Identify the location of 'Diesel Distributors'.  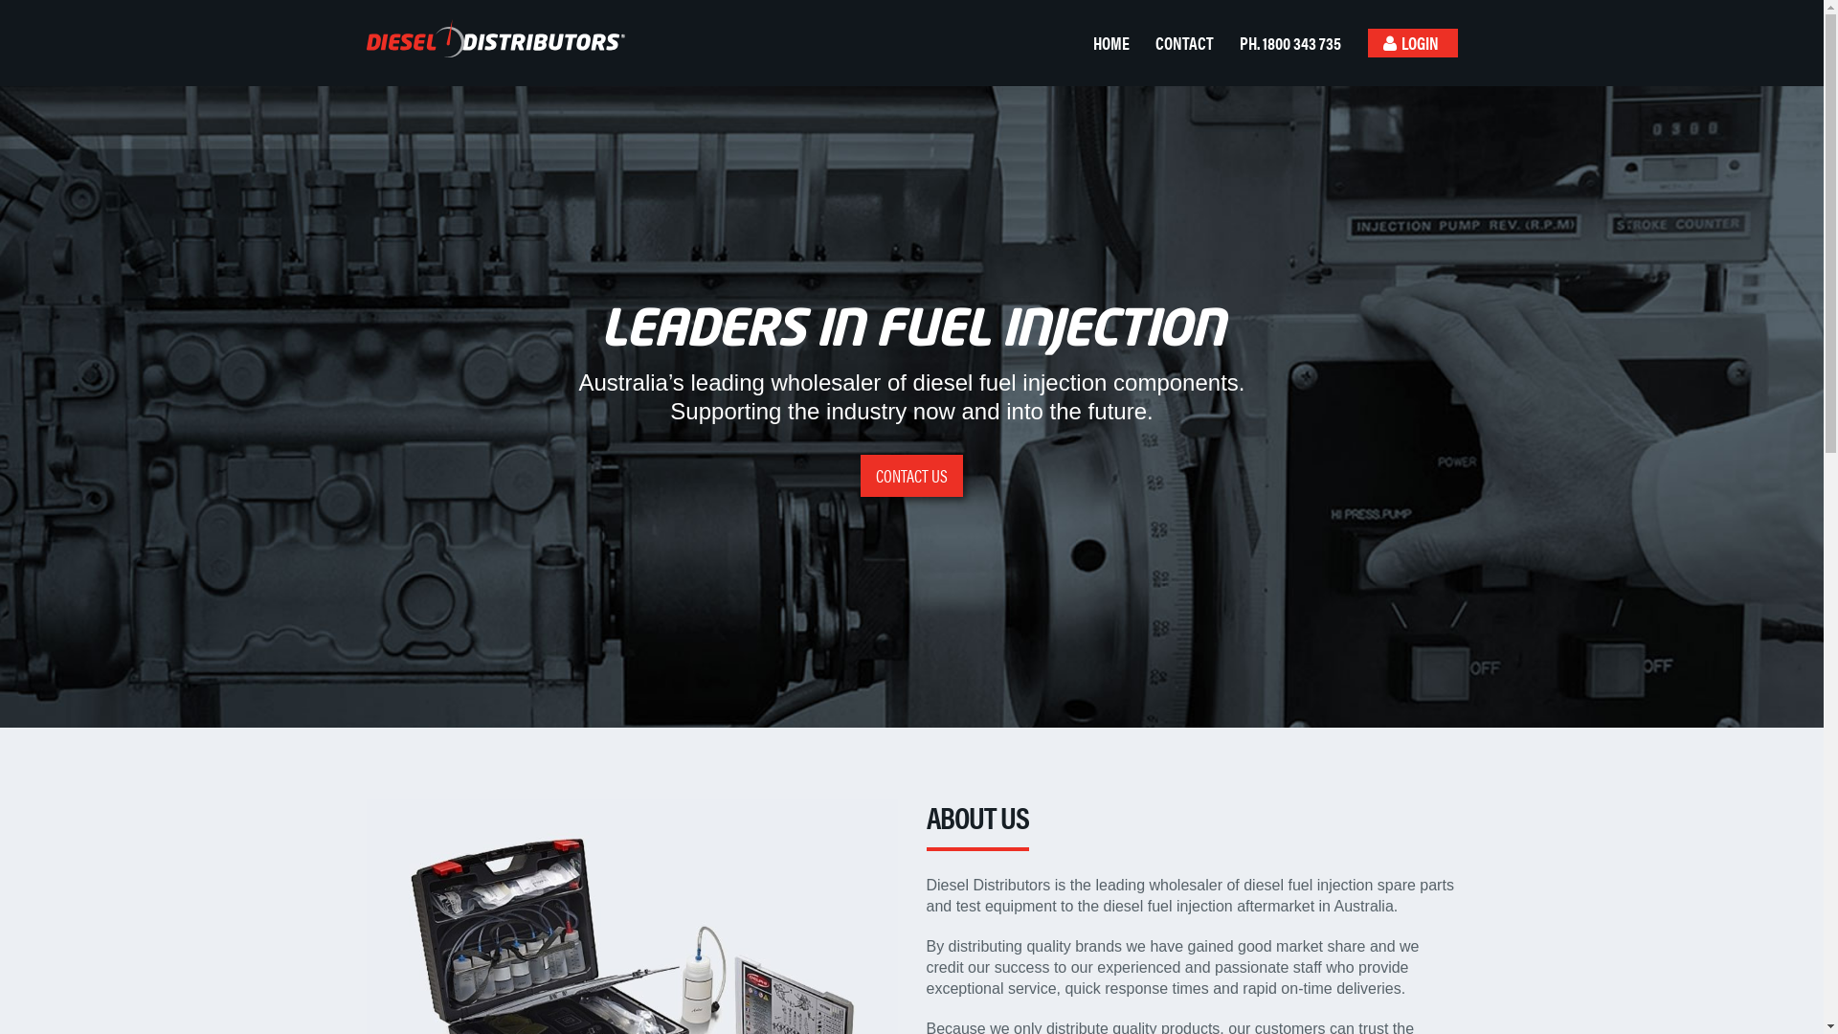
(488, 37).